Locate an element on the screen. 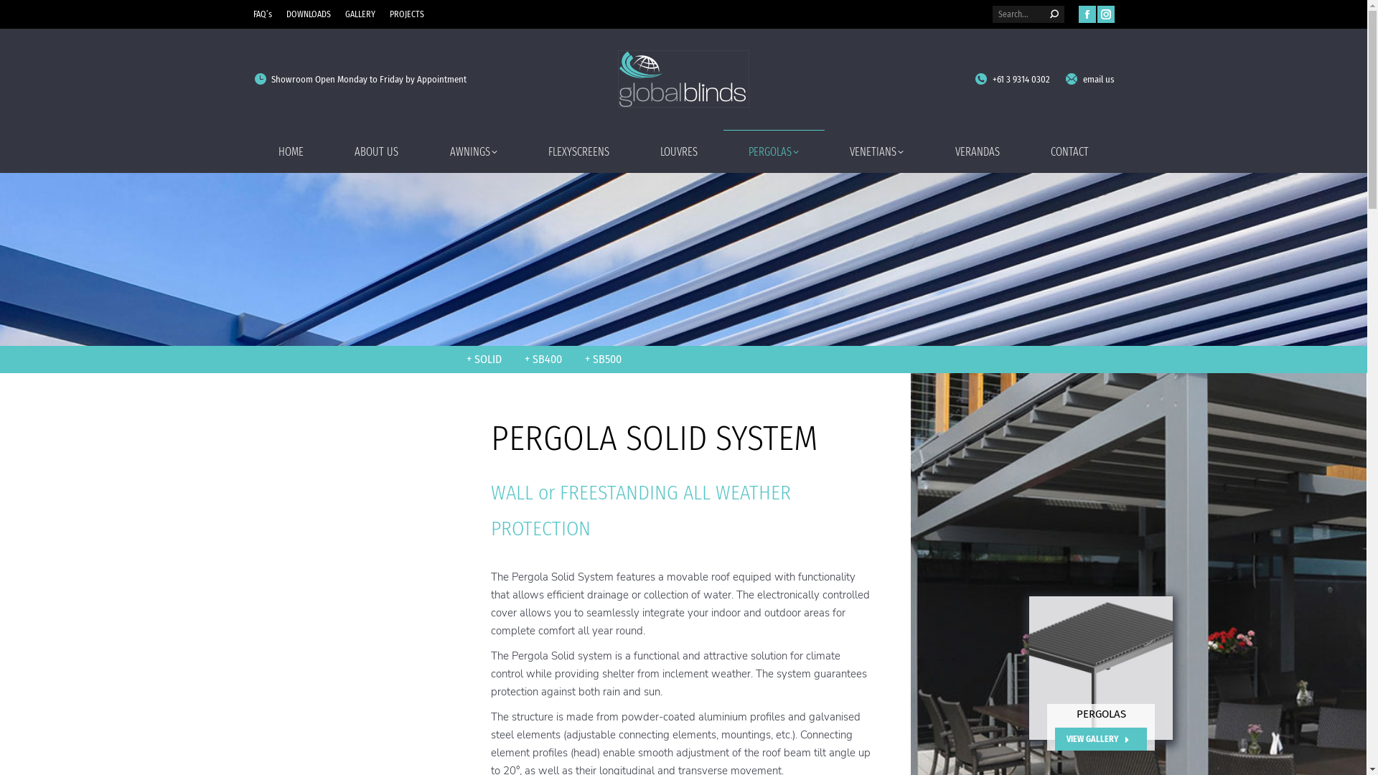  '+ SB500' is located at coordinates (603, 359).